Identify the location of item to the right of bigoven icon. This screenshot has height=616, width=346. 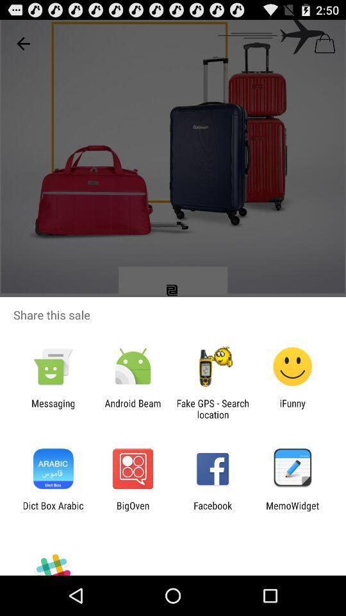
(213, 511).